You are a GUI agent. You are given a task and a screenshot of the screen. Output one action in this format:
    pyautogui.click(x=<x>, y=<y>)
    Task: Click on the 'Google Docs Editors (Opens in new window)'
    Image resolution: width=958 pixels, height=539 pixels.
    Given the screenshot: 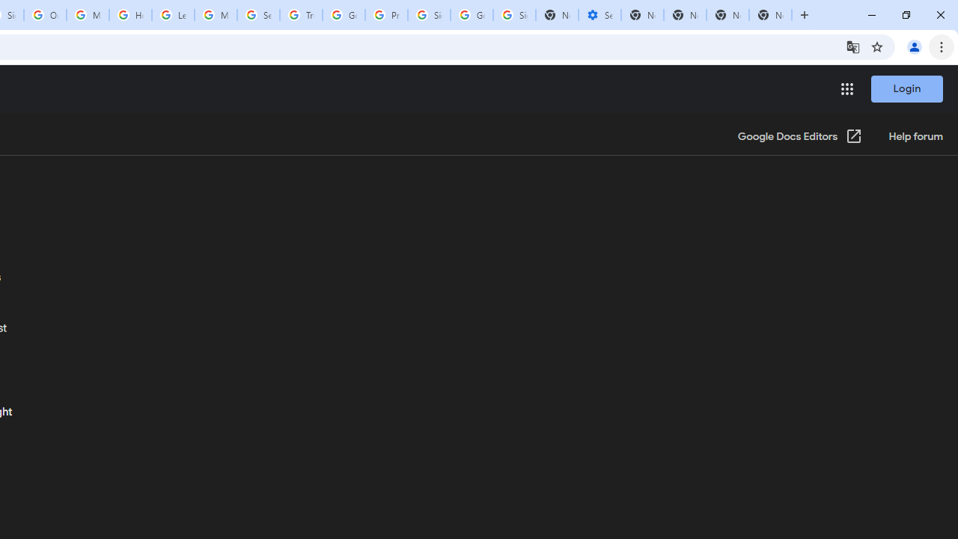 What is the action you would take?
    pyautogui.click(x=799, y=137)
    